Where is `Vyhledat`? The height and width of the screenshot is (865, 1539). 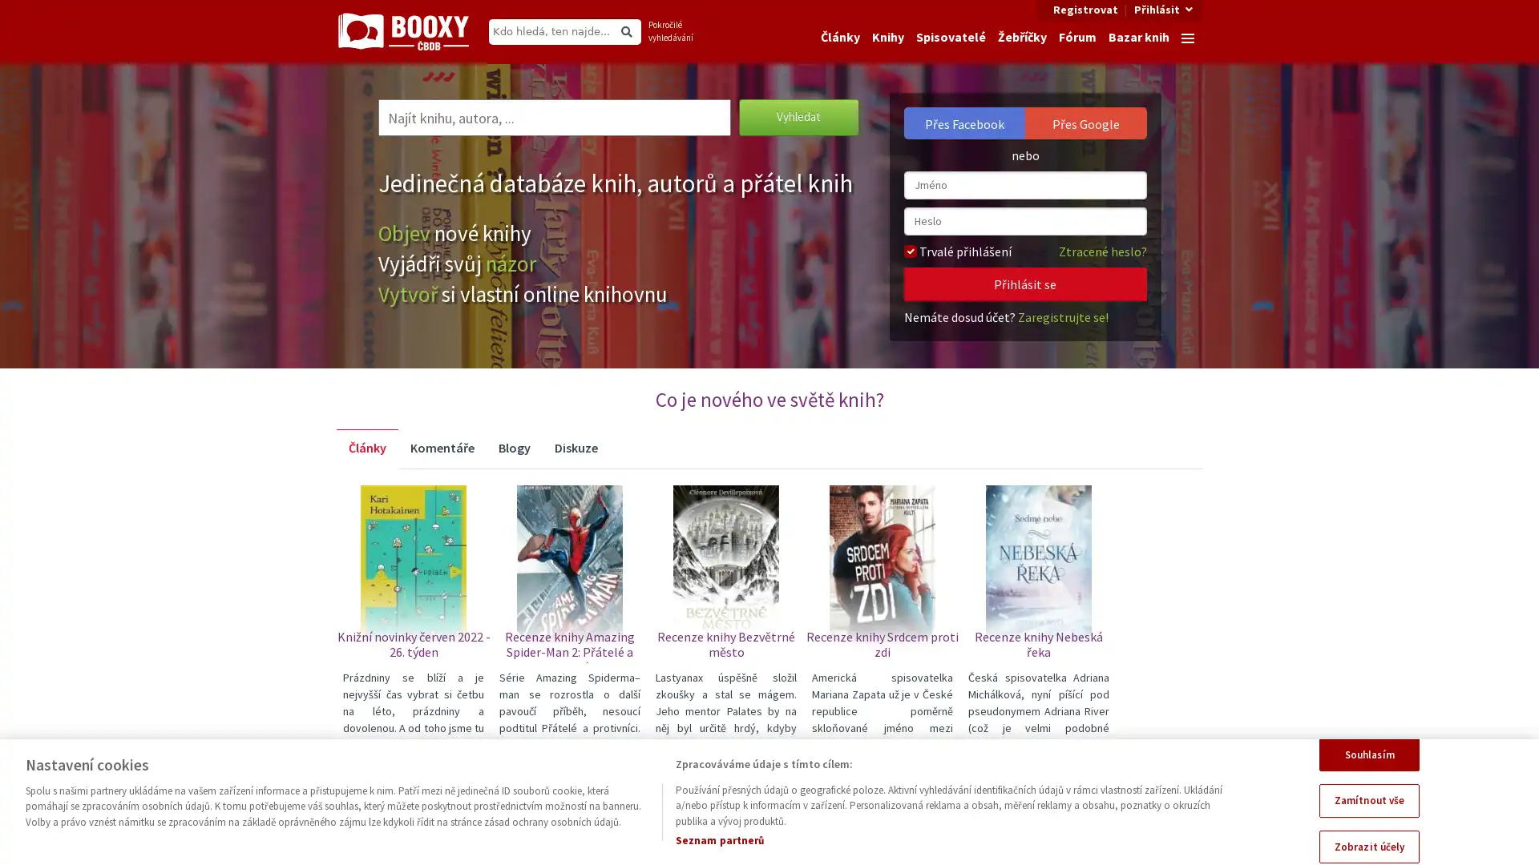 Vyhledat is located at coordinates (798, 116).